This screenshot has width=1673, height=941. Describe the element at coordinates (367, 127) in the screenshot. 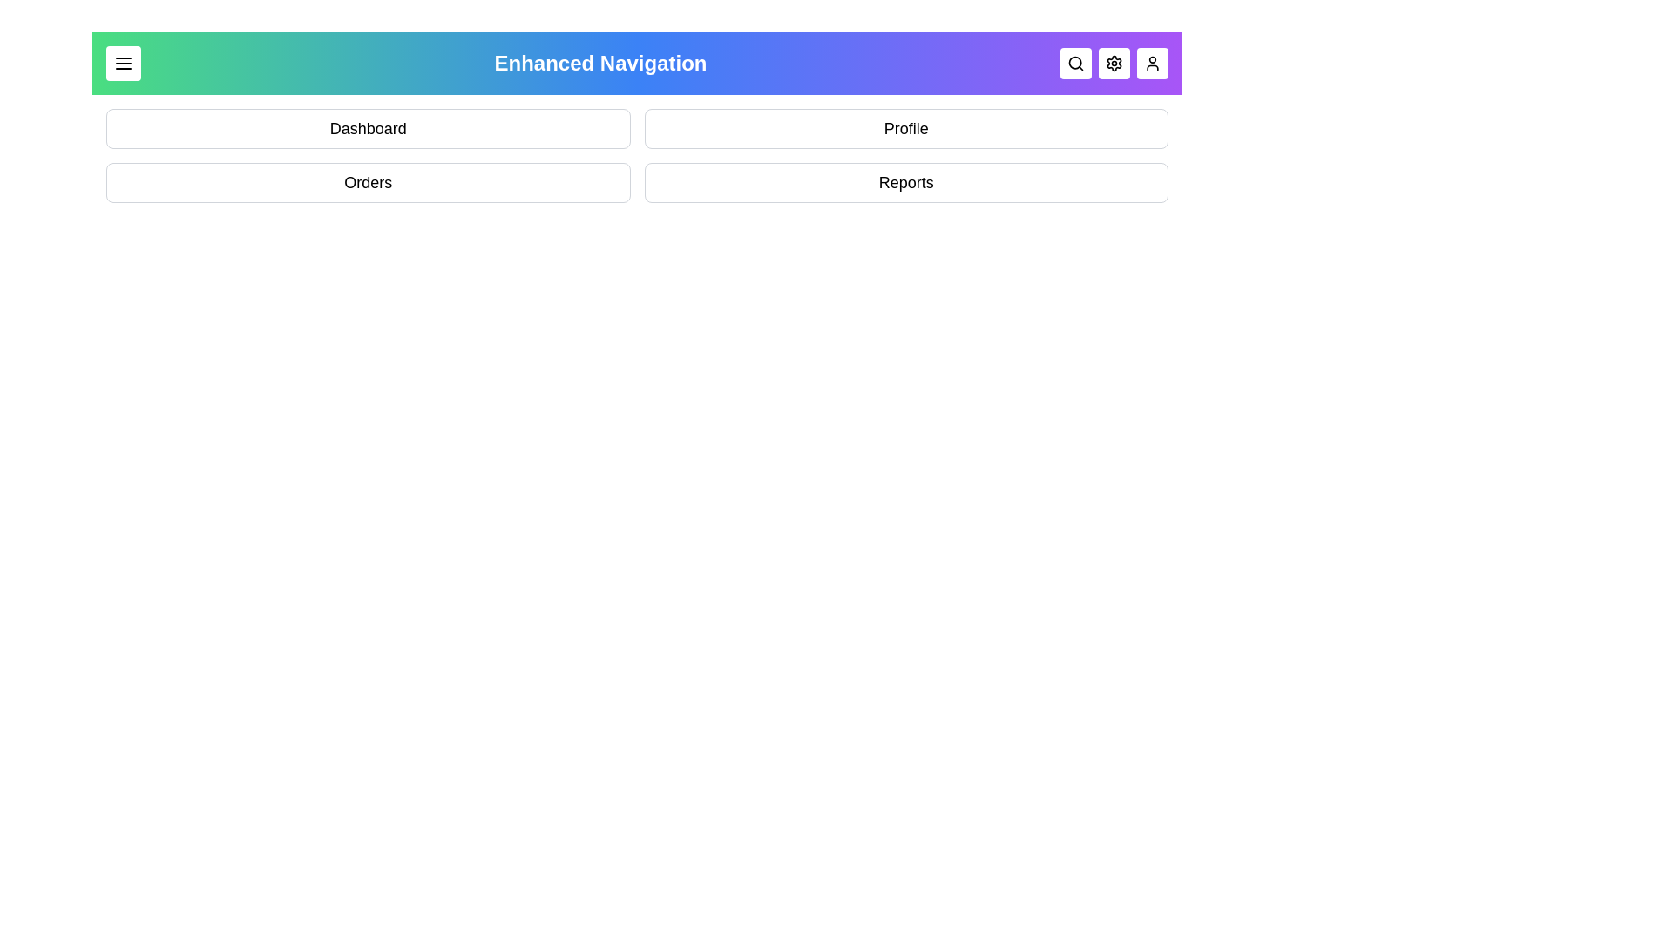

I see `the menu item Dashboard to observe the hover effect` at that location.